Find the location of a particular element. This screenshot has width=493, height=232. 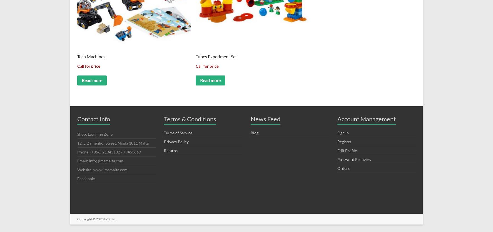

'Privacy Policy' is located at coordinates (164, 141).